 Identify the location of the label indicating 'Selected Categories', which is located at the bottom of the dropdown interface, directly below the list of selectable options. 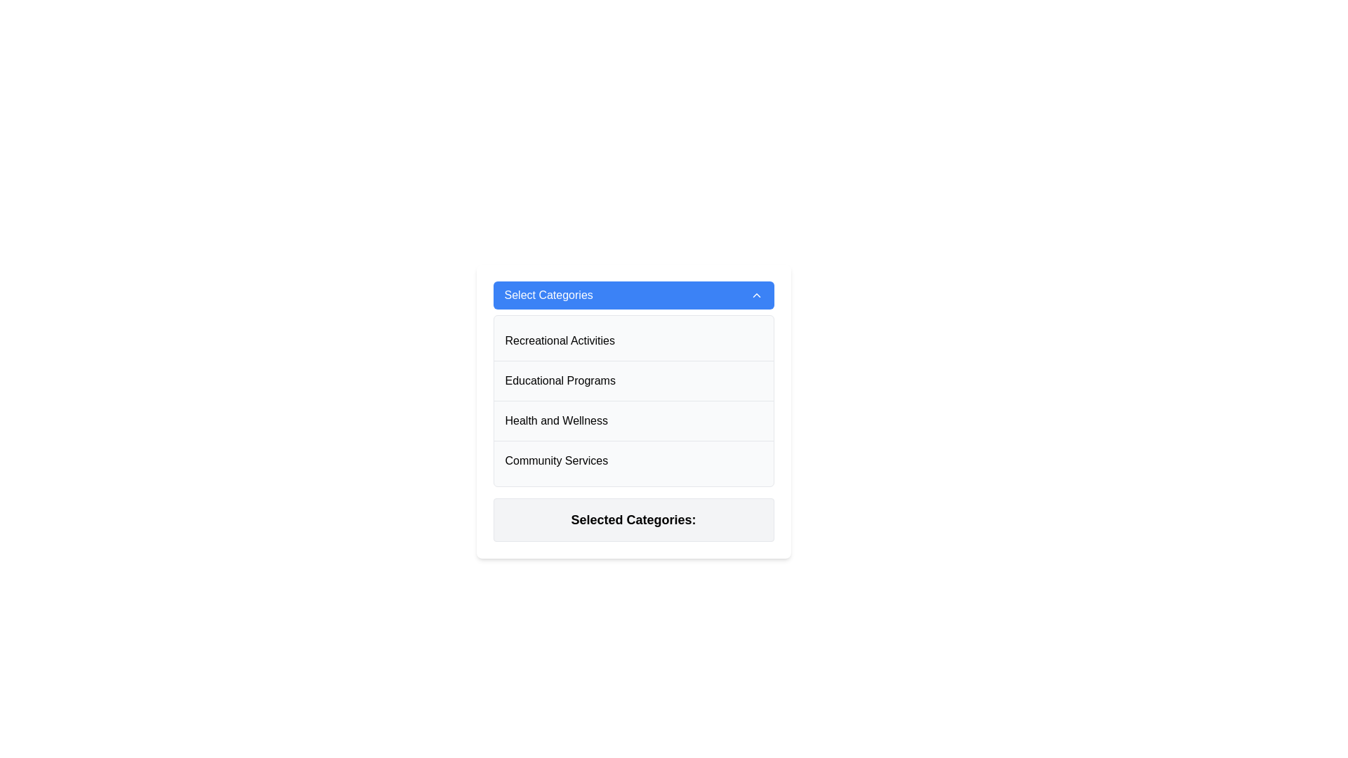
(633, 519).